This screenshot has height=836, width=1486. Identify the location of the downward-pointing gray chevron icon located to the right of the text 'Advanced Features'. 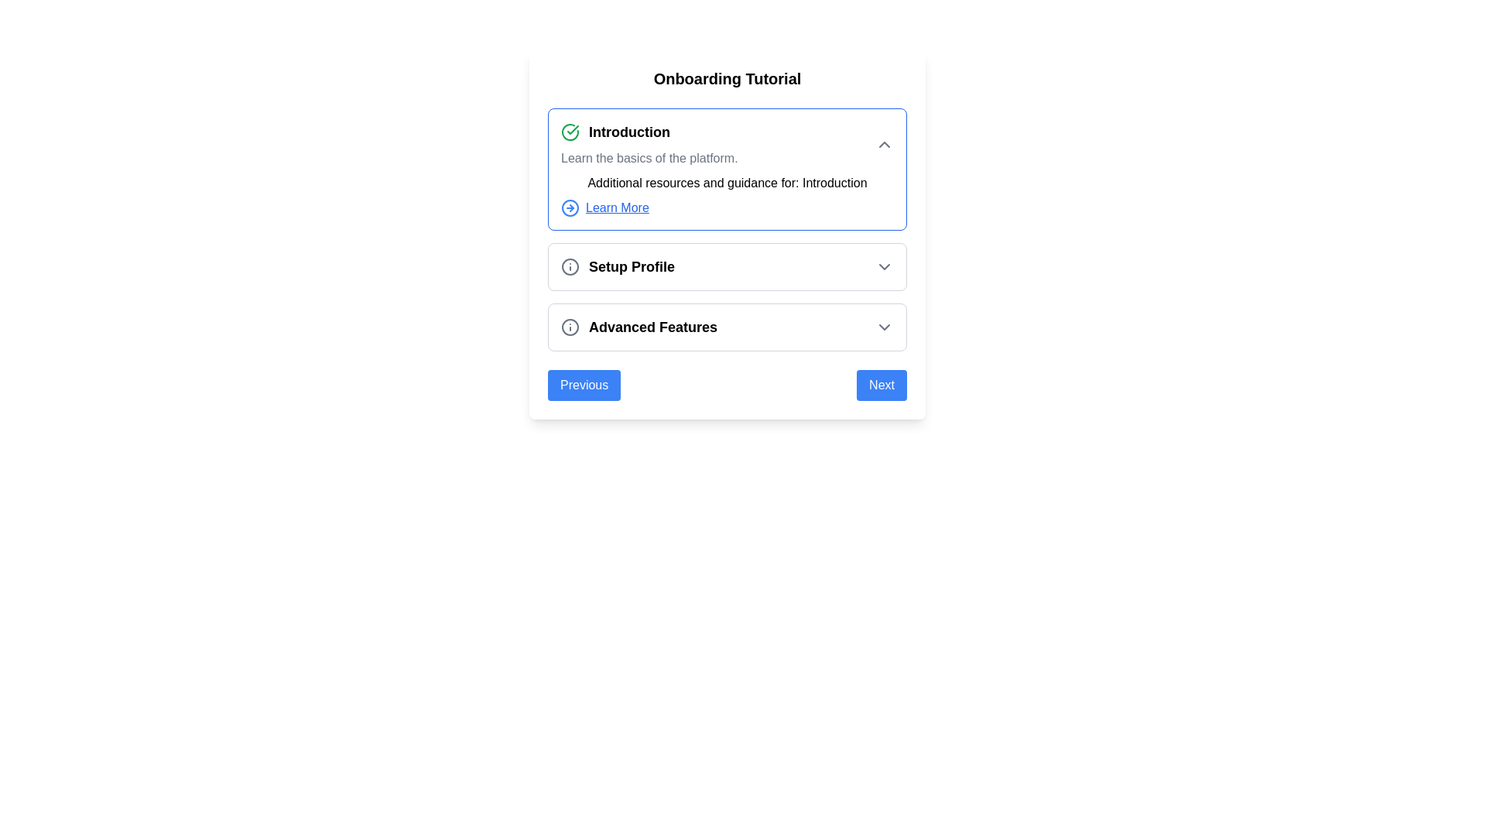
(884, 327).